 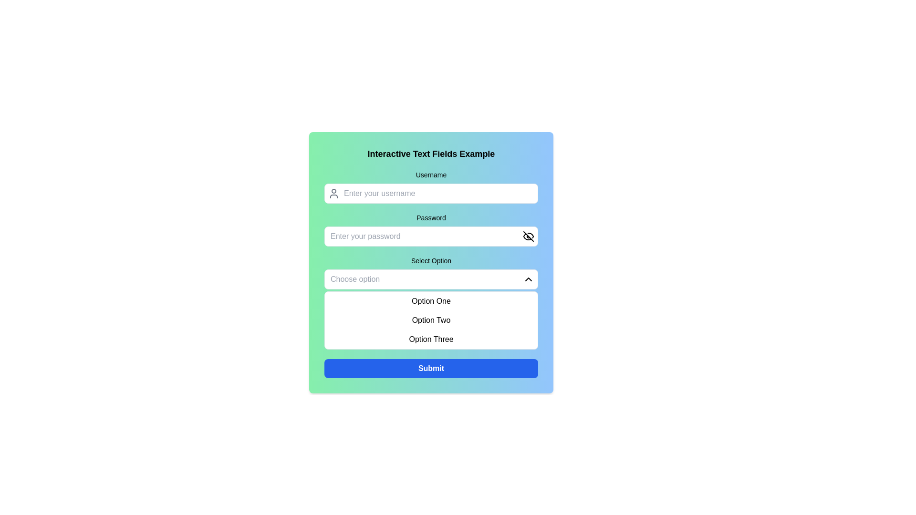 I want to click on the selectable option "Option Two" in the dropdown menu, so click(x=430, y=320).